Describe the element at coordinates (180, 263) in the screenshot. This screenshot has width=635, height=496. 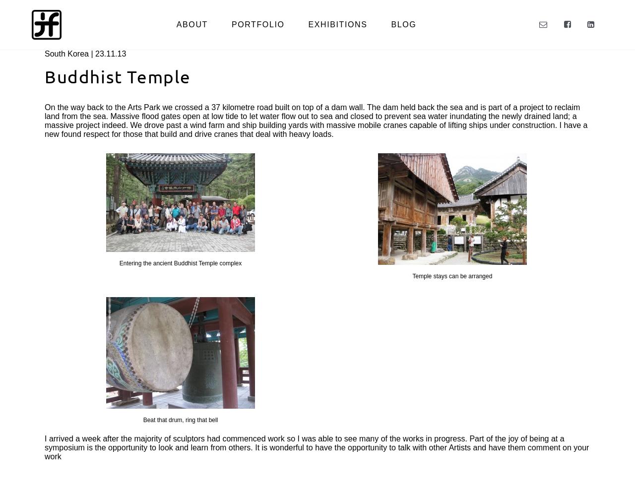
I see `'Entering the ancient Buddhist Temple complex'` at that location.